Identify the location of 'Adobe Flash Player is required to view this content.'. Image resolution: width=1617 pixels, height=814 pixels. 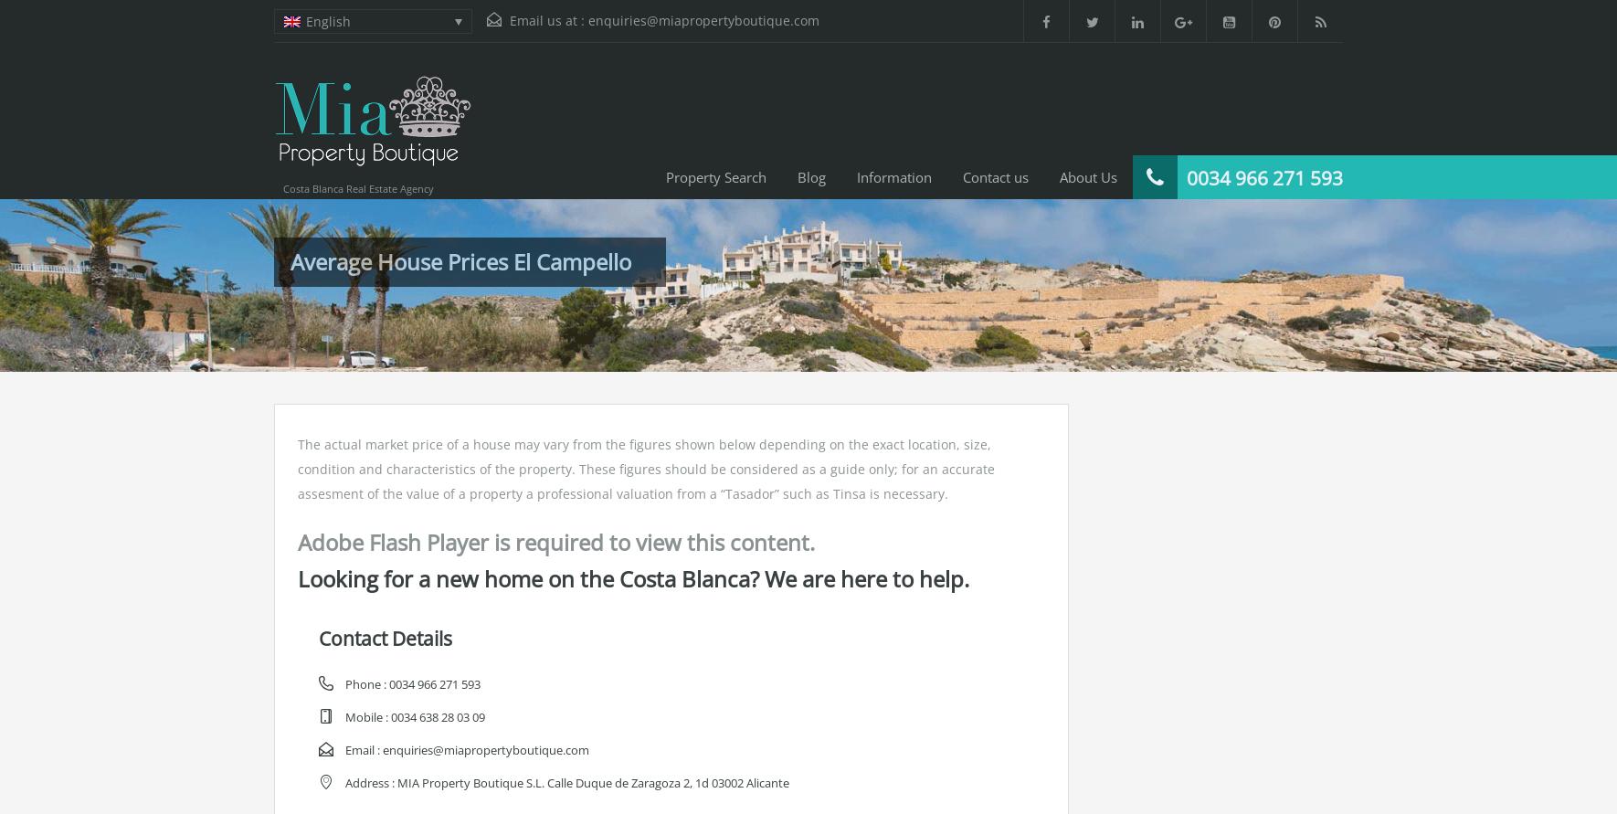
(555, 542).